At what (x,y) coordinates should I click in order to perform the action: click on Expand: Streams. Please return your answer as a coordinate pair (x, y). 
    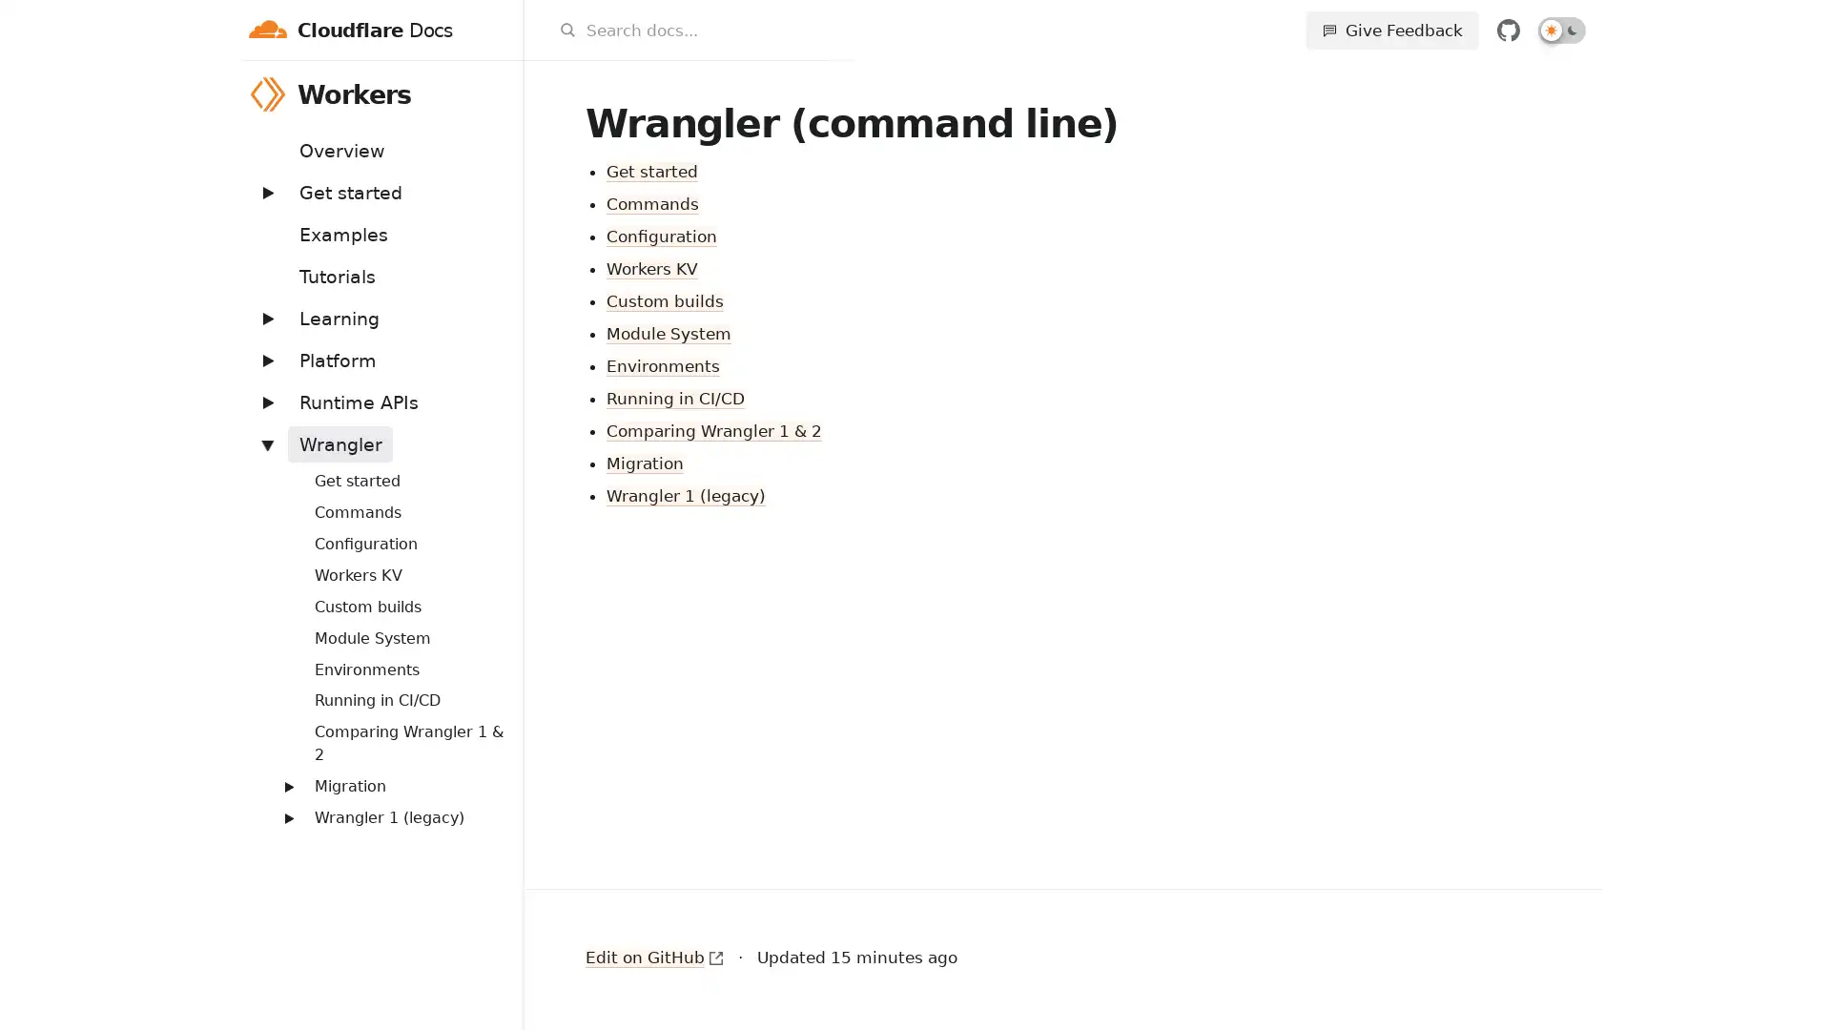
    Looking at the image, I should click on (278, 878).